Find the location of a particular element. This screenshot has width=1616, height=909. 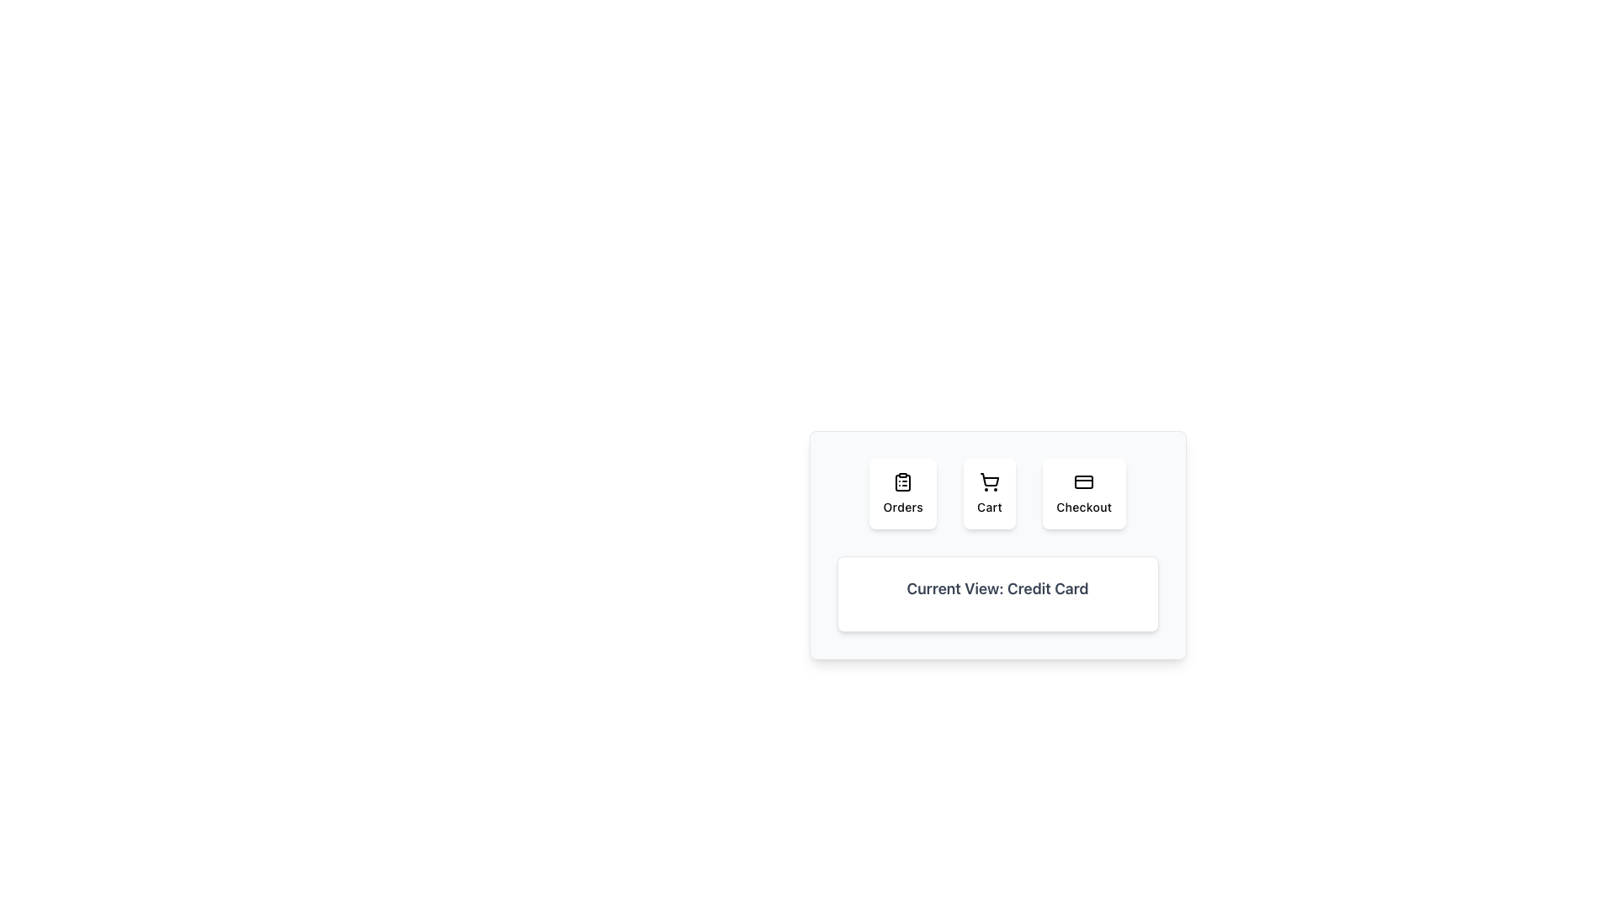

the clipboard icon representing 'Orders', which is located at the center-top of a rectangular button with rounded edges, styled in thin line art design is located at coordinates (902, 482).